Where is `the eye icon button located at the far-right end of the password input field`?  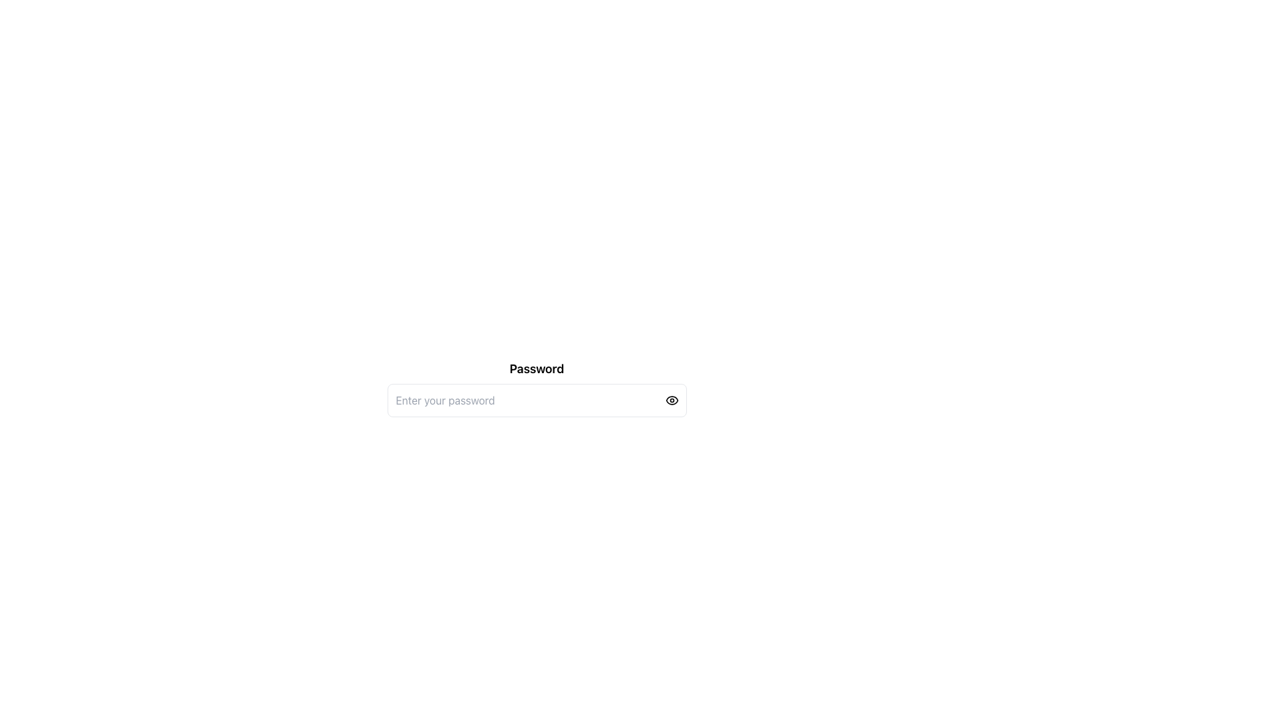 the eye icon button located at the far-right end of the password input field is located at coordinates (672, 400).